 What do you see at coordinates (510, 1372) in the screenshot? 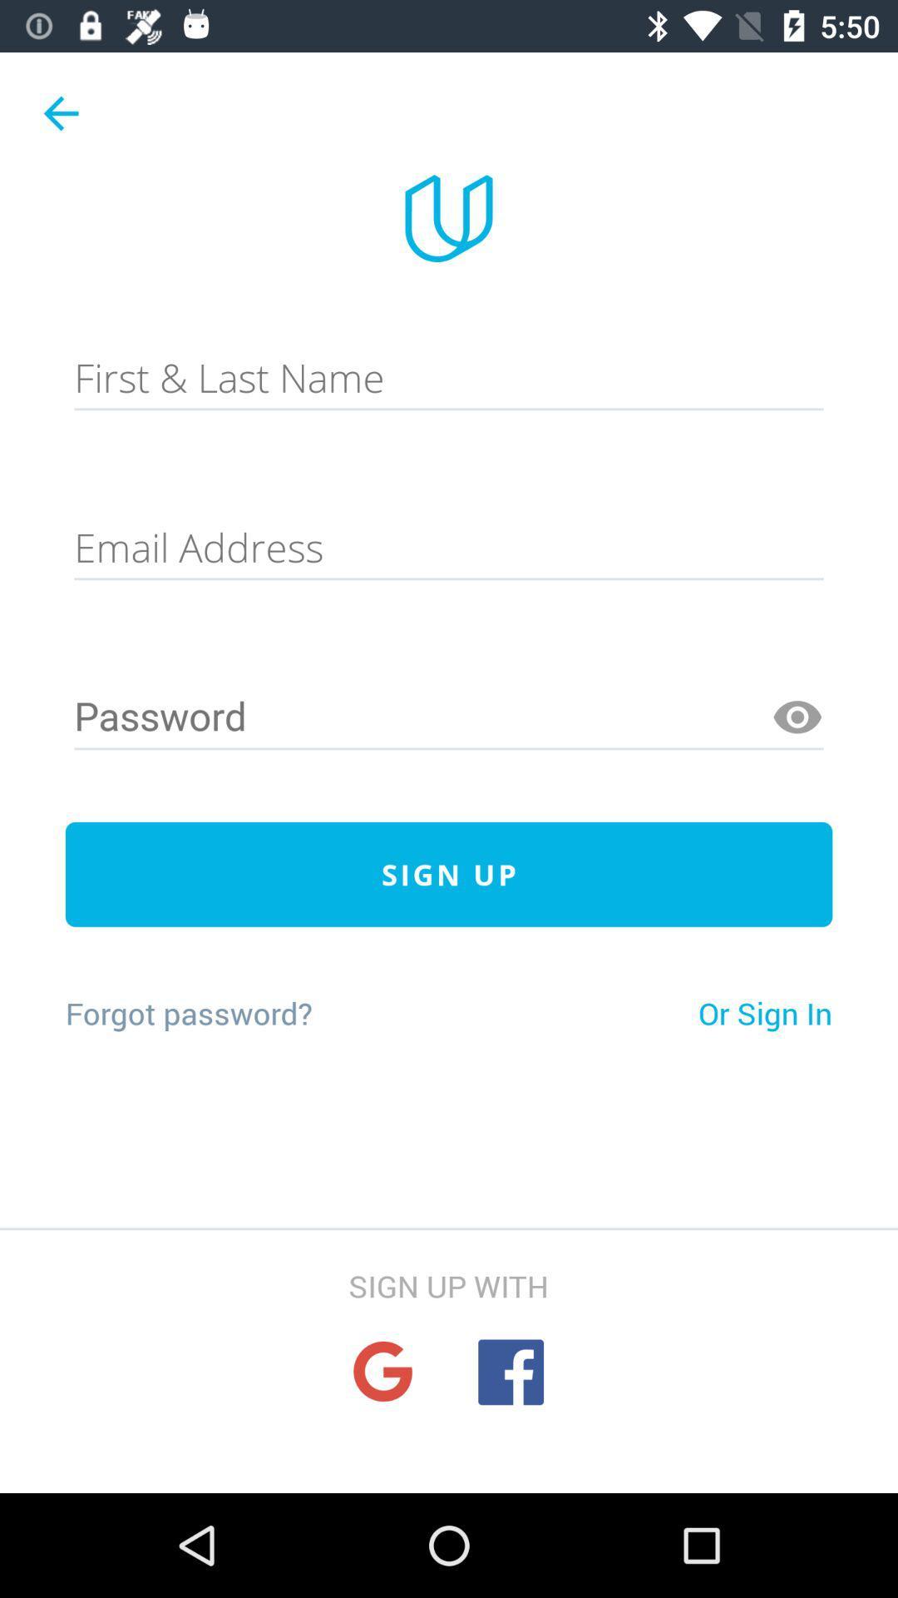
I see `open facebook` at bounding box center [510, 1372].